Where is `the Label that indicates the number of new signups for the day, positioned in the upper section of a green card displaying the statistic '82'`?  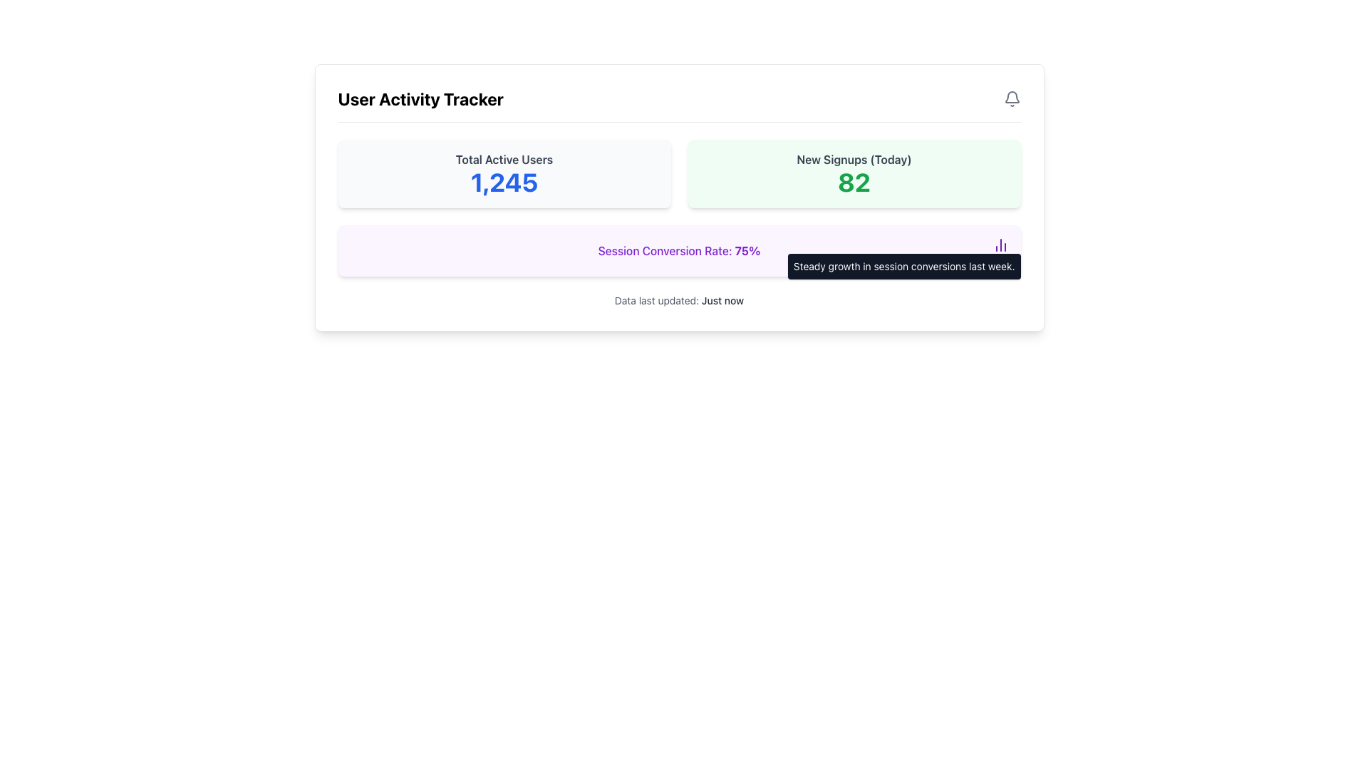 the Label that indicates the number of new signups for the day, positioned in the upper section of a green card displaying the statistic '82' is located at coordinates (854, 159).